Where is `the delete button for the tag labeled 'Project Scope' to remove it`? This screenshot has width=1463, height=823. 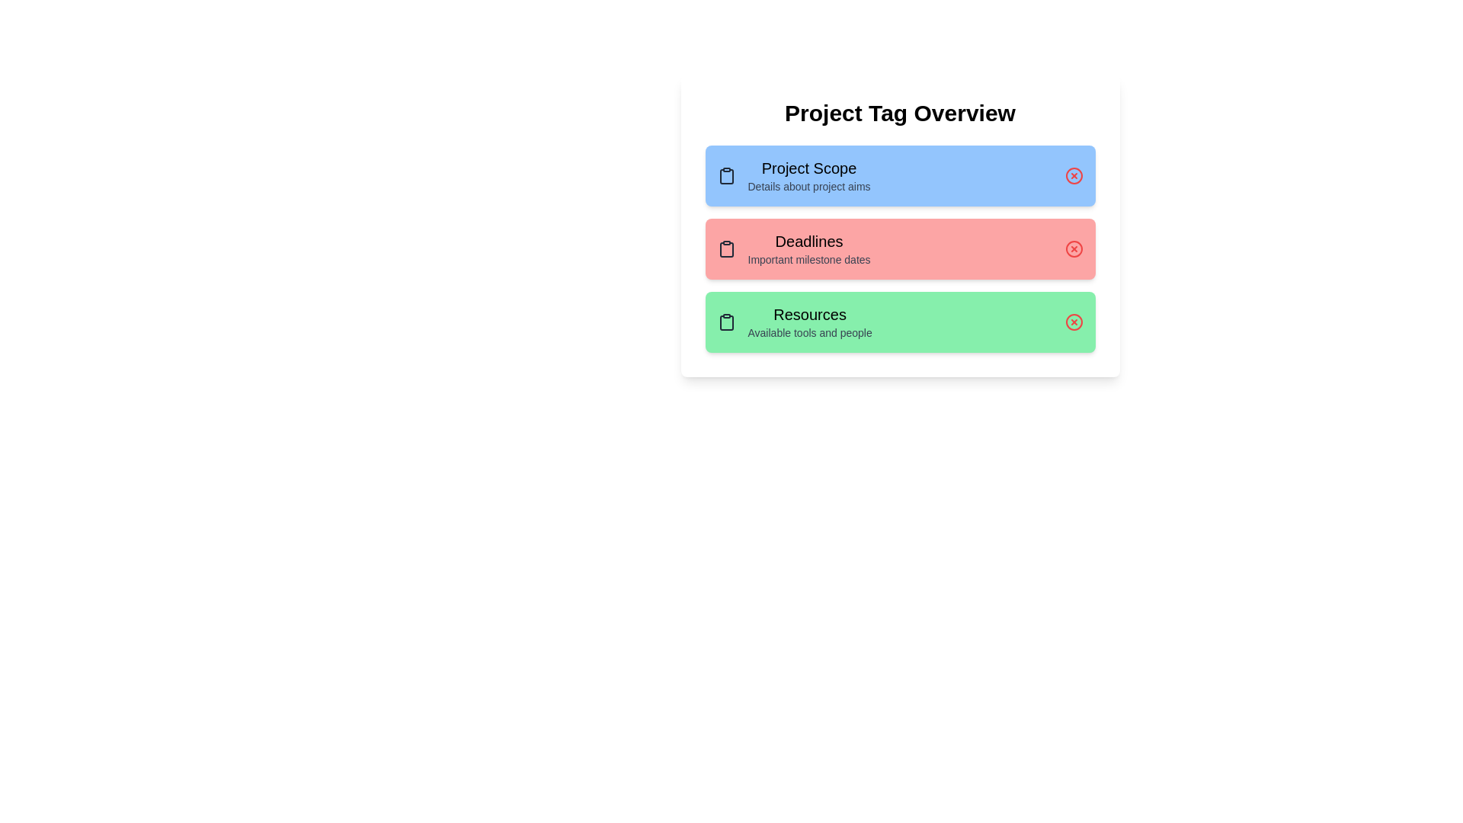 the delete button for the tag labeled 'Project Scope' to remove it is located at coordinates (1073, 175).